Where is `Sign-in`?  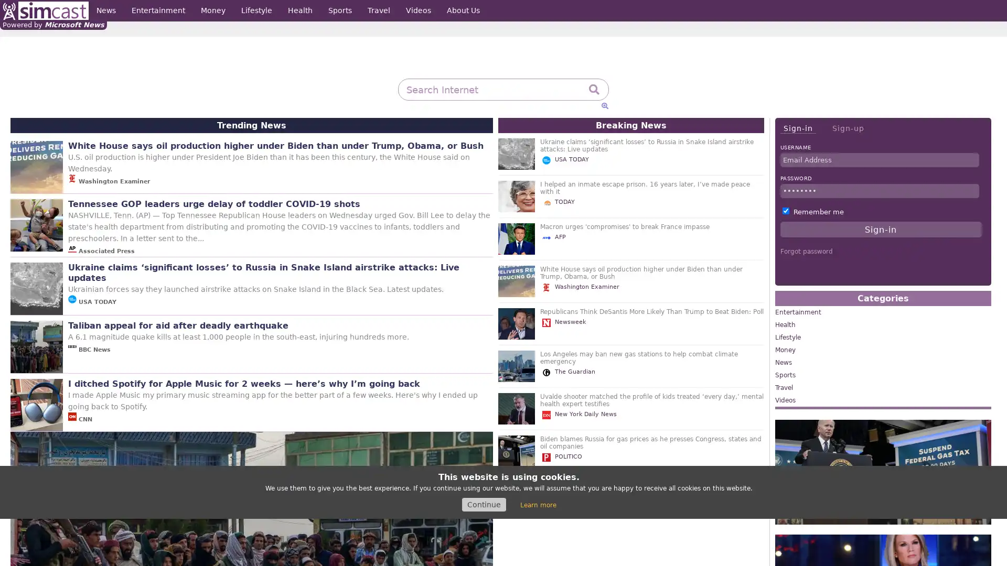 Sign-in is located at coordinates (881, 229).